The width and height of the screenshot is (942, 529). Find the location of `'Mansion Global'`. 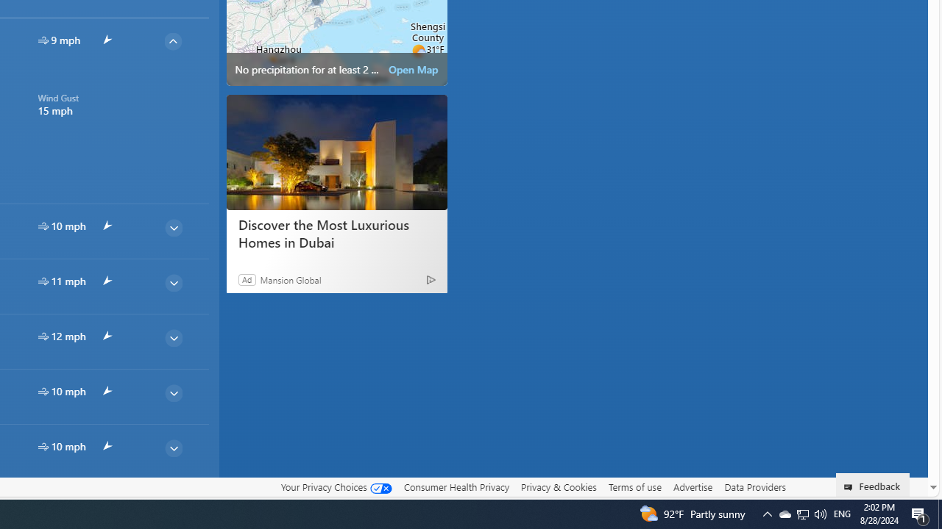

'Mansion Global' is located at coordinates (290, 279).